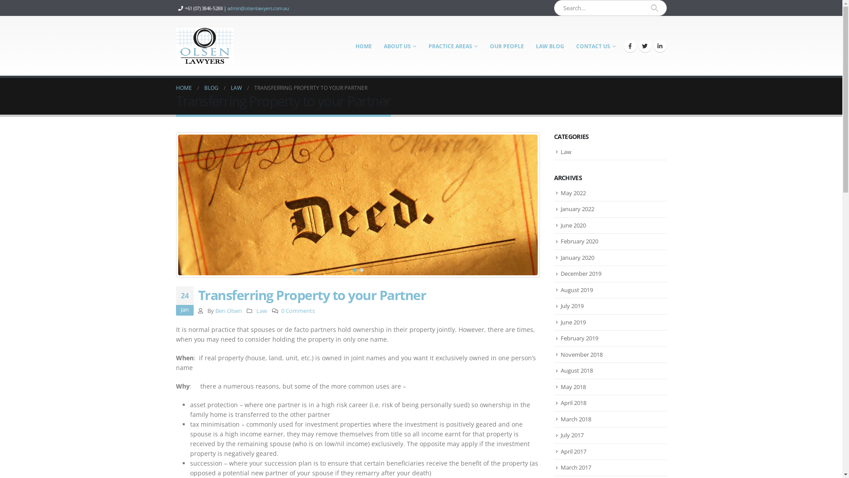  What do you see at coordinates (623, 46) in the screenshot?
I see `'Facebook'` at bounding box center [623, 46].